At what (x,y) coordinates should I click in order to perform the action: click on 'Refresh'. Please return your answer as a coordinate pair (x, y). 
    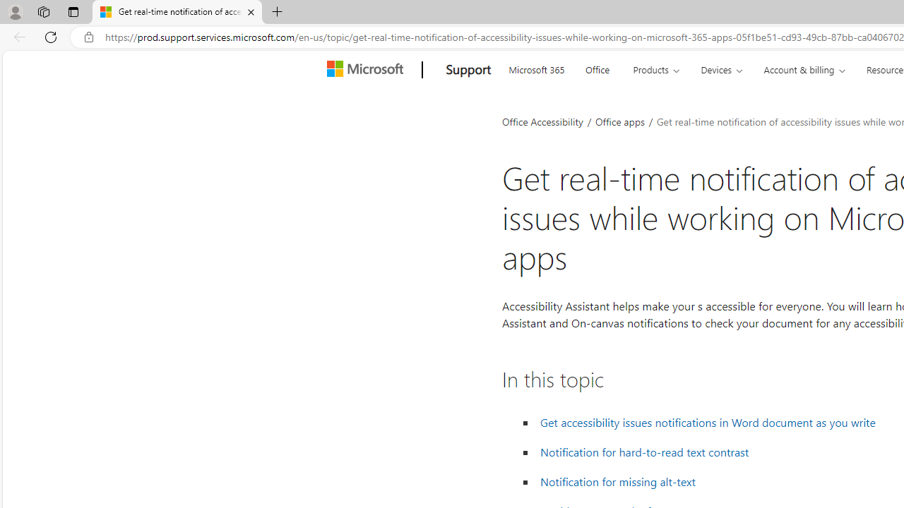
    Looking at the image, I should click on (51, 36).